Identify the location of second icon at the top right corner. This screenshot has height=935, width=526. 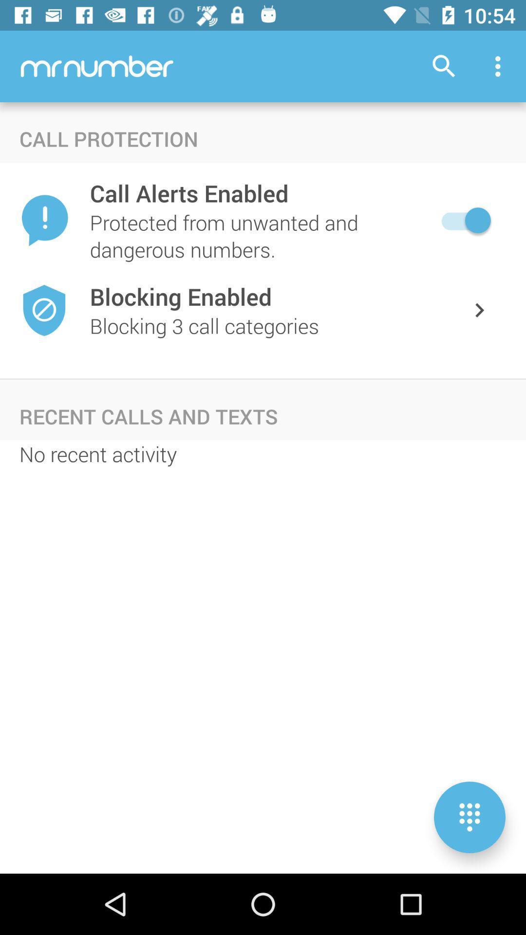
(500, 66).